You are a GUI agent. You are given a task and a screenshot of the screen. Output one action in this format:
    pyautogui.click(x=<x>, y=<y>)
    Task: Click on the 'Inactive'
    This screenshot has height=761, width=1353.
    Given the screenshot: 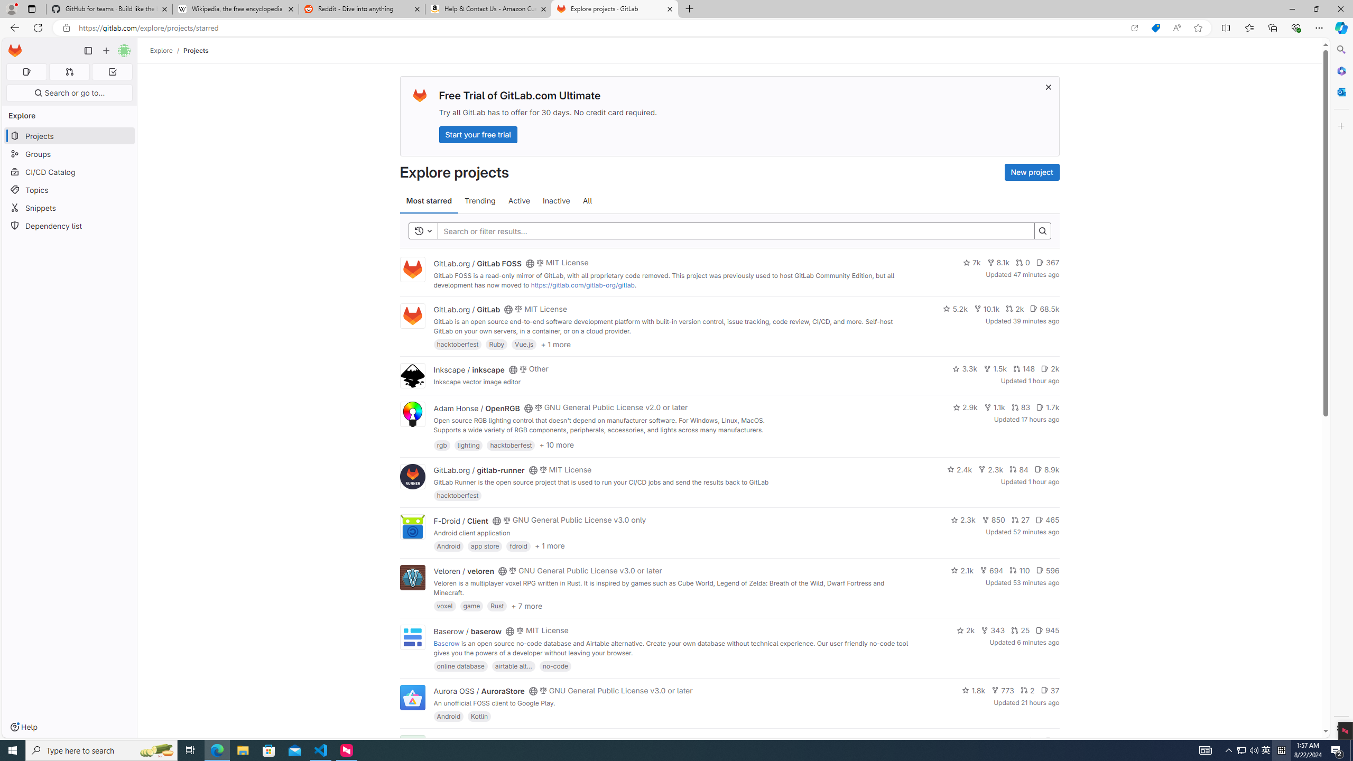 What is the action you would take?
    pyautogui.click(x=555, y=200)
    